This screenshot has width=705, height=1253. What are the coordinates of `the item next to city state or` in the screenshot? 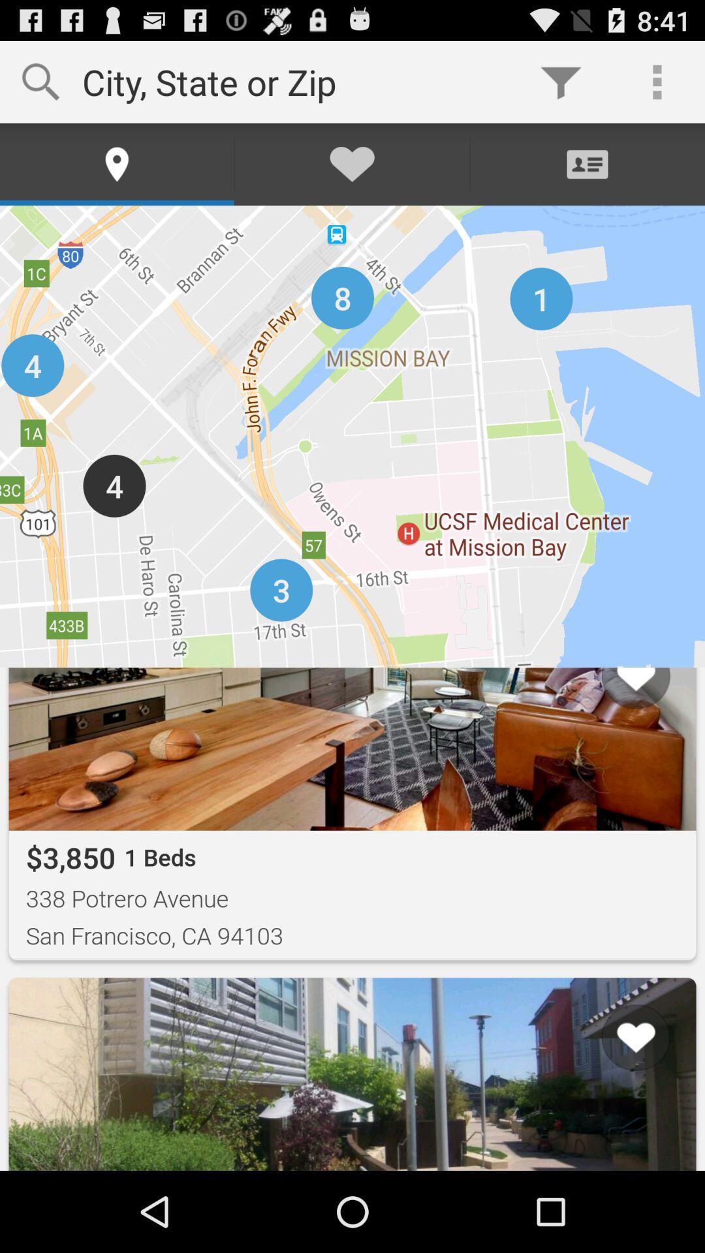 It's located at (560, 81).